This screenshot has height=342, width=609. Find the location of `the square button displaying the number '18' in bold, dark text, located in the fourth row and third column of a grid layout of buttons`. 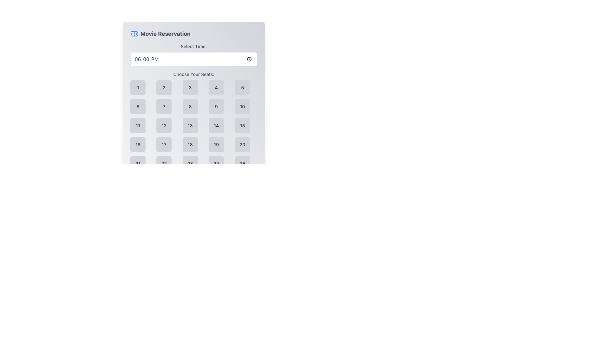

the square button displaying the number '18' in bold, dark text, located in the fourth row and third column of a grid layout of buttons is located at coordinates (190, 144).